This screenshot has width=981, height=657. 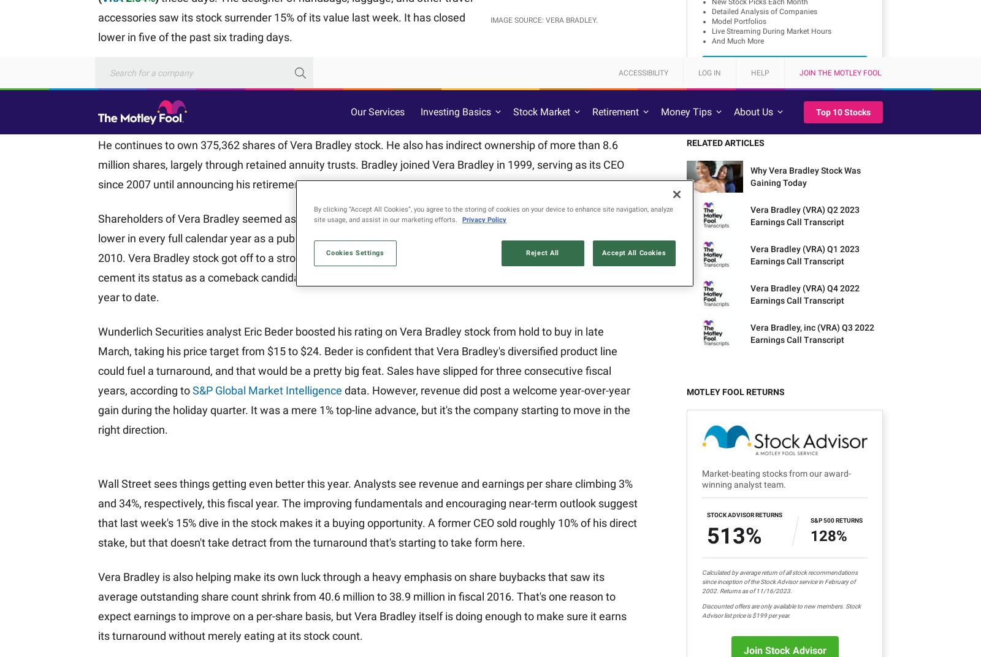 What do you see at coordinates (697, 472) in the screenshot?
I see `'Financial Dictionary'` at bounding box center [697, 472].